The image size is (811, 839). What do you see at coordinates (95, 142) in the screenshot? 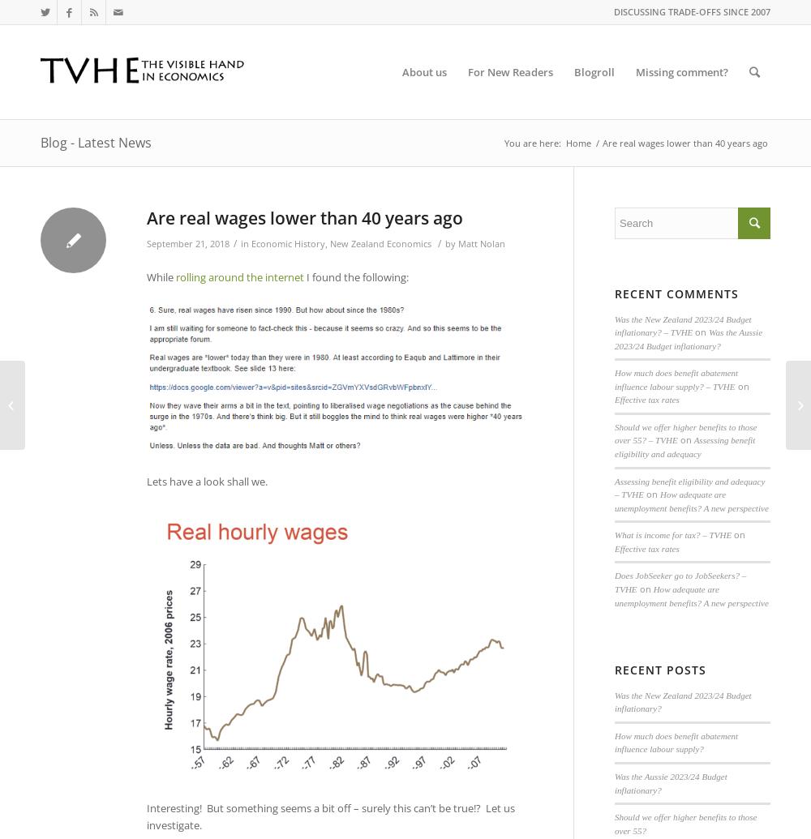
I see `'Blog - Latest News'` at bounding box center [95, 142].